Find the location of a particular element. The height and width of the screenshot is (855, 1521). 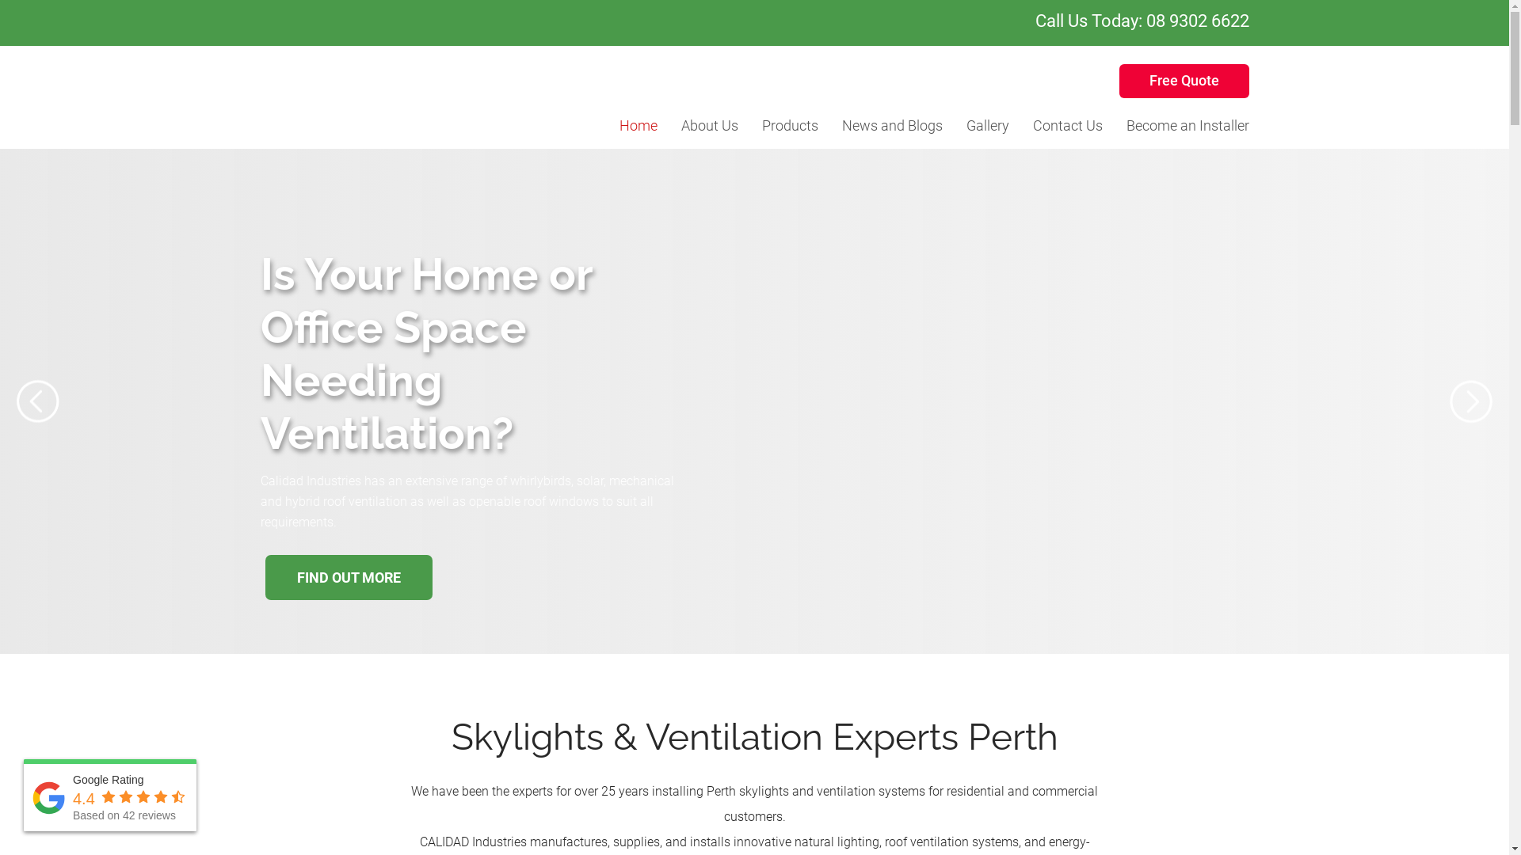

'News and Blogs' is located at coordinates (891, 124).